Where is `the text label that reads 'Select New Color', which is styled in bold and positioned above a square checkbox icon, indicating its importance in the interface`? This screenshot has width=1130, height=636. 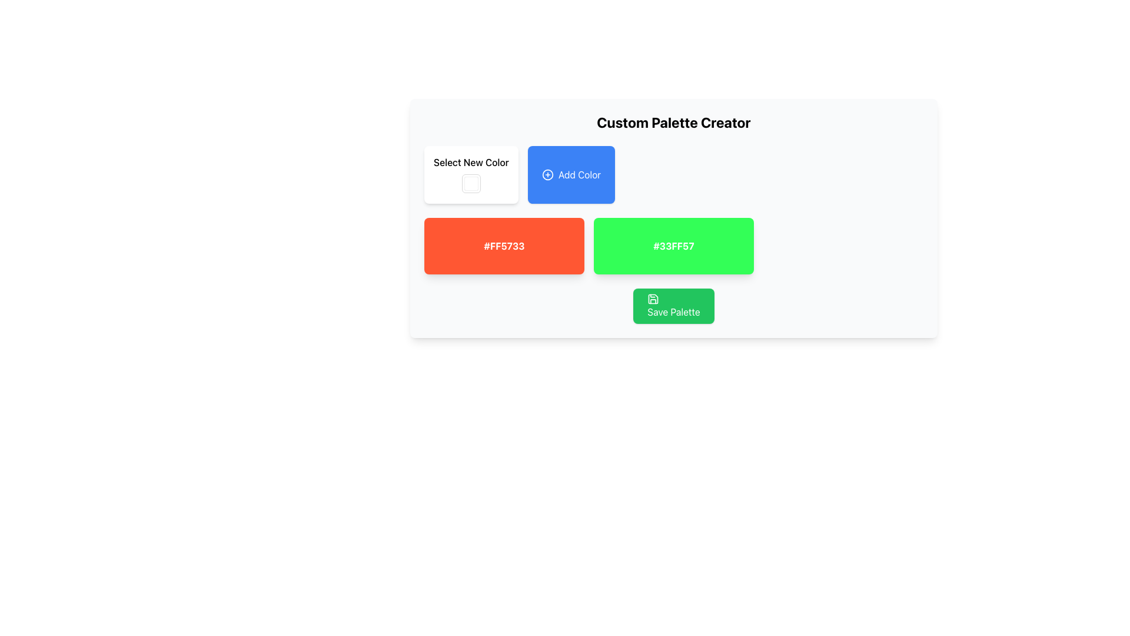
the text label that reads 'Select New Color', which is styled in bold and positioned above a square checkbox icon, indicating its importance in the interface is located at coordinates (471, 163).